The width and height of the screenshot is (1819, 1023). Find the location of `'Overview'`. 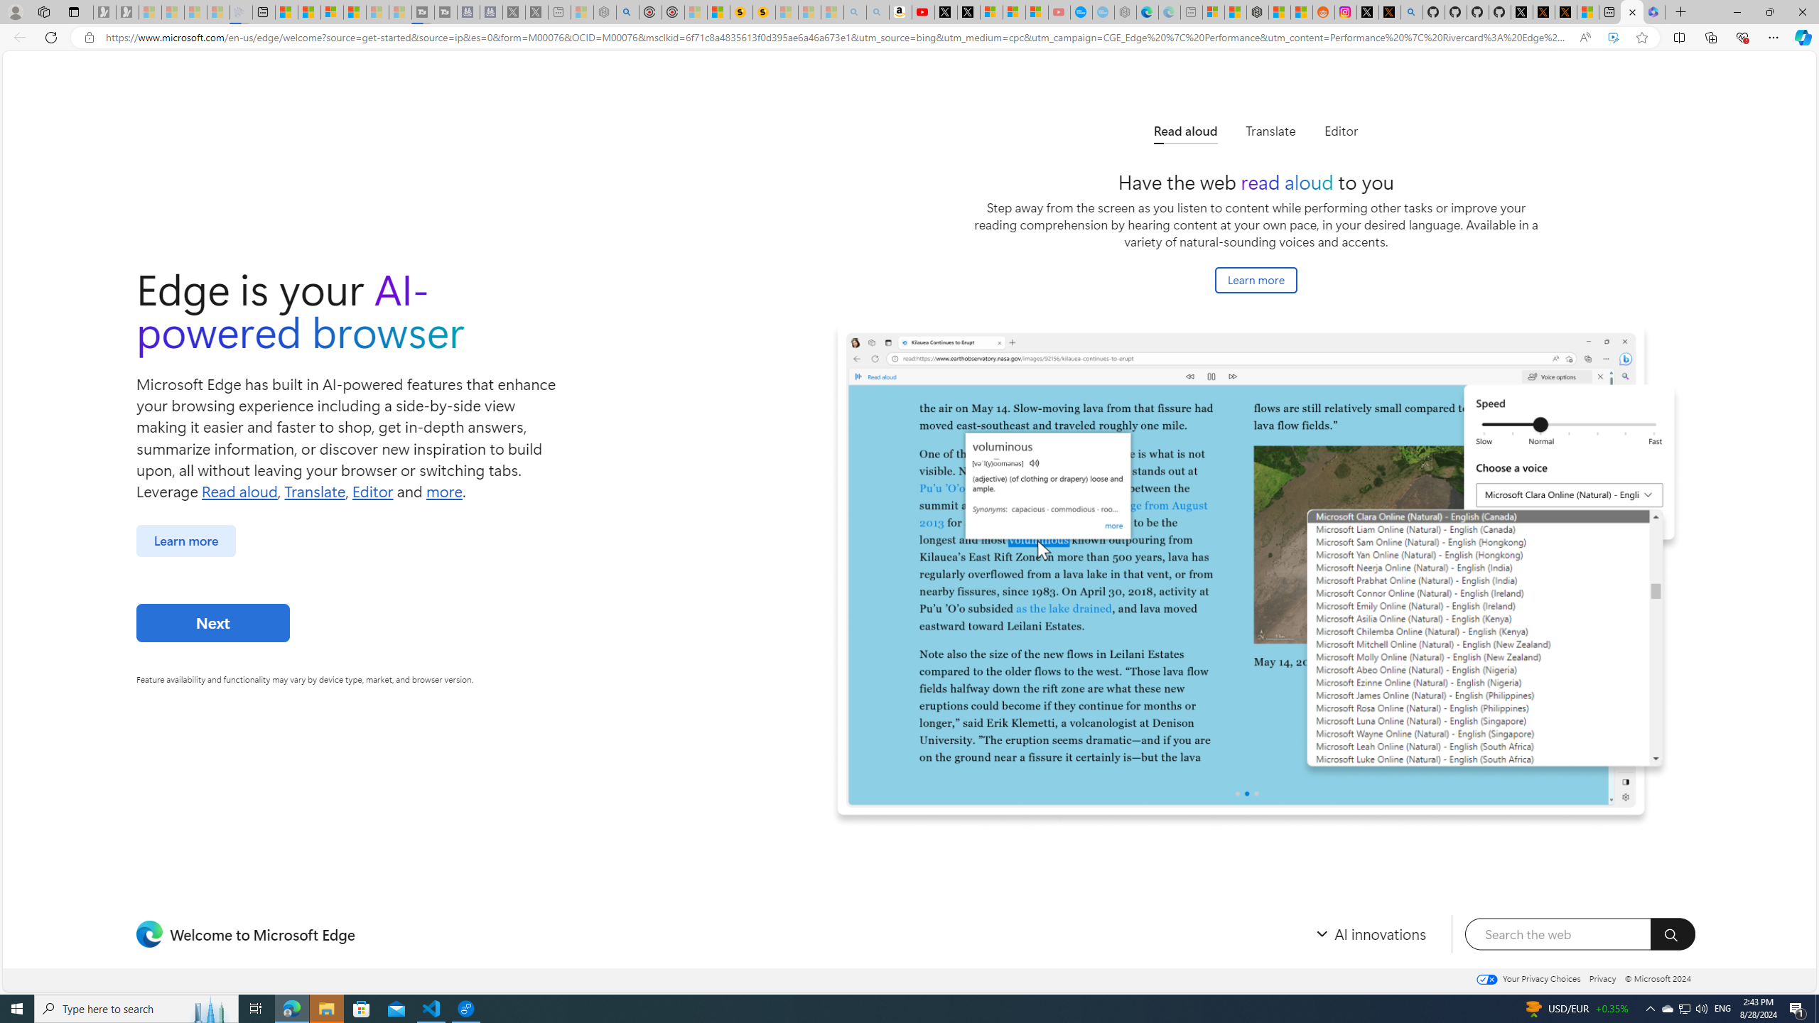

'Overview' is located at coordinates (331, 11).